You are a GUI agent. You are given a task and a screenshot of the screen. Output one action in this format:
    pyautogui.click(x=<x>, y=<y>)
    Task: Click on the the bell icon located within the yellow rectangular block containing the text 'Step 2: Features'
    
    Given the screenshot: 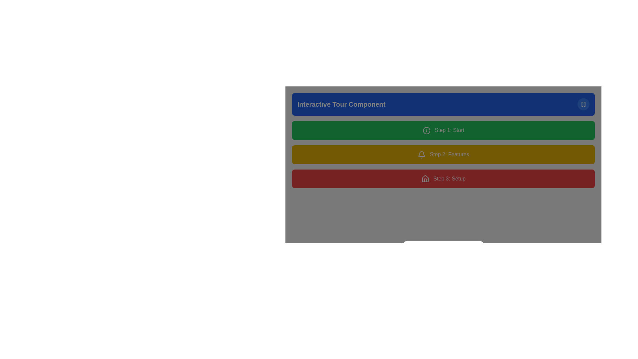 What is the action you would take?
    pyautogui.click(x=421, y=155)
    